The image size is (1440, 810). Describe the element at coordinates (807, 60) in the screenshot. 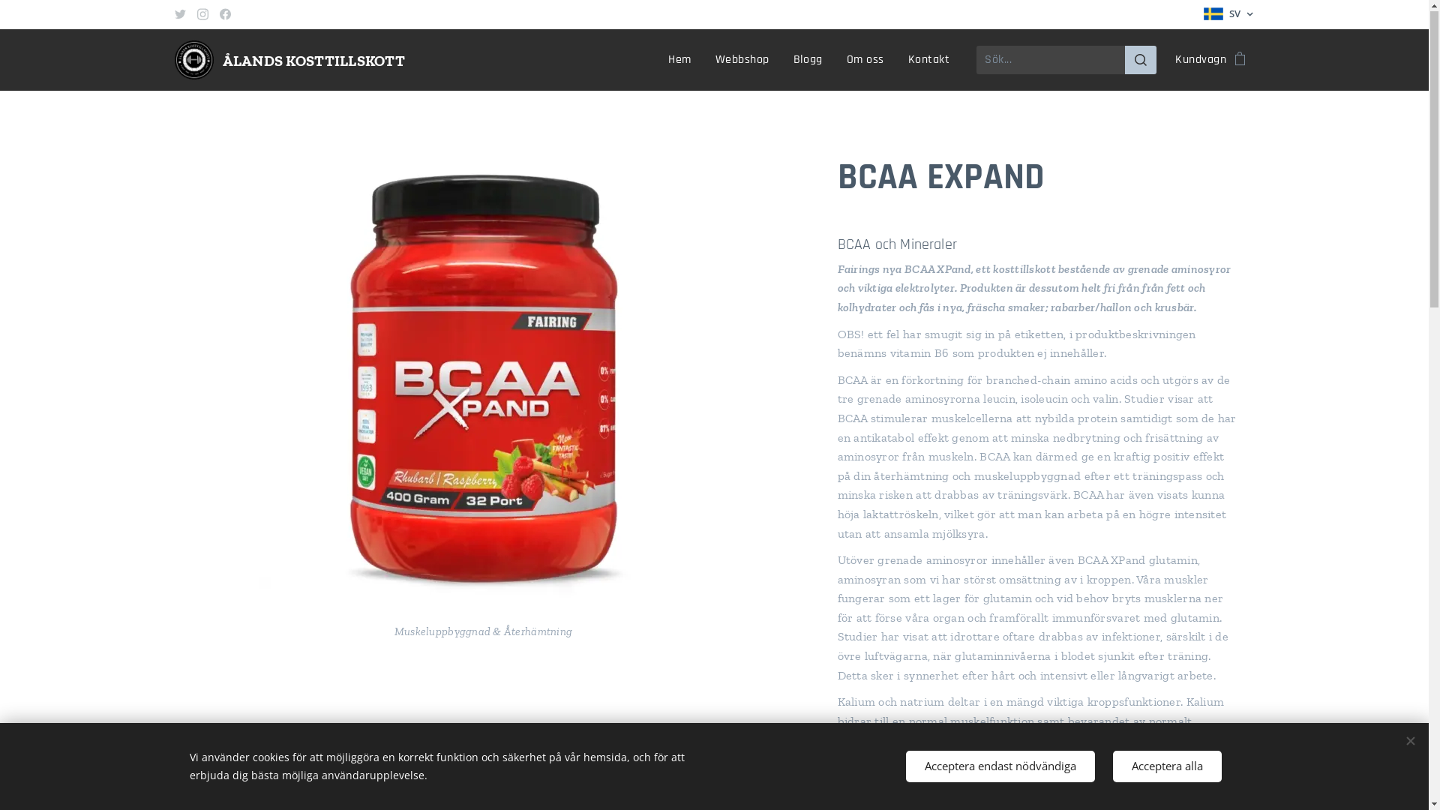

I see `'Blogg'` at that location.